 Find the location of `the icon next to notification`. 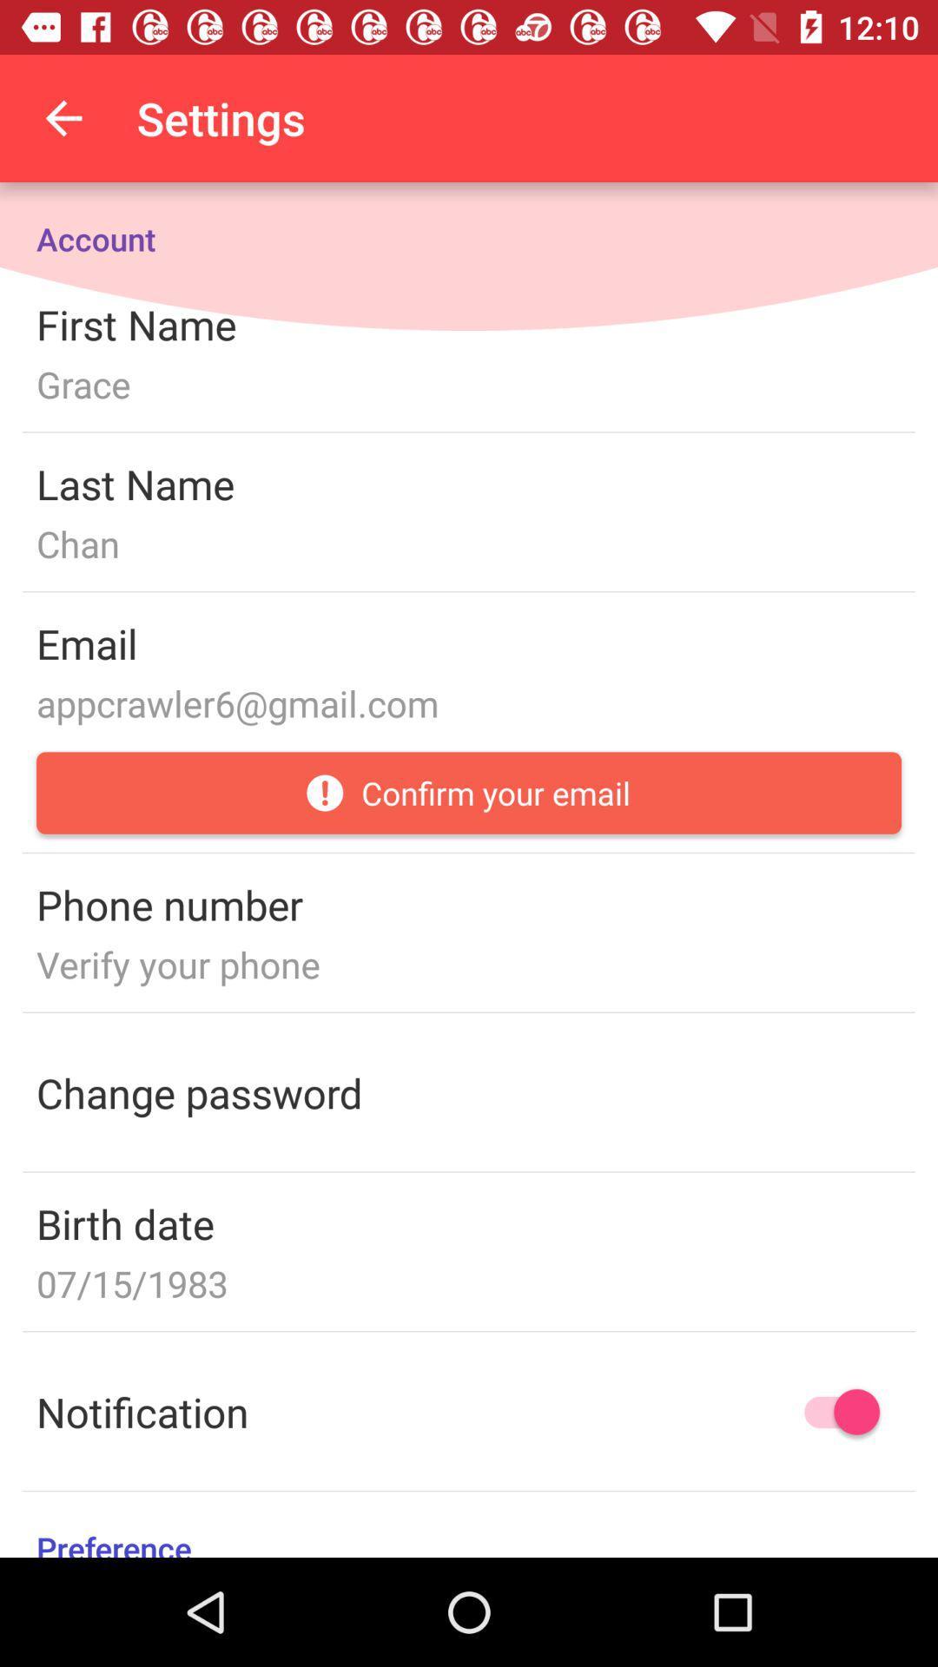

the icon next to notification is located at coordinates (833, 1412).